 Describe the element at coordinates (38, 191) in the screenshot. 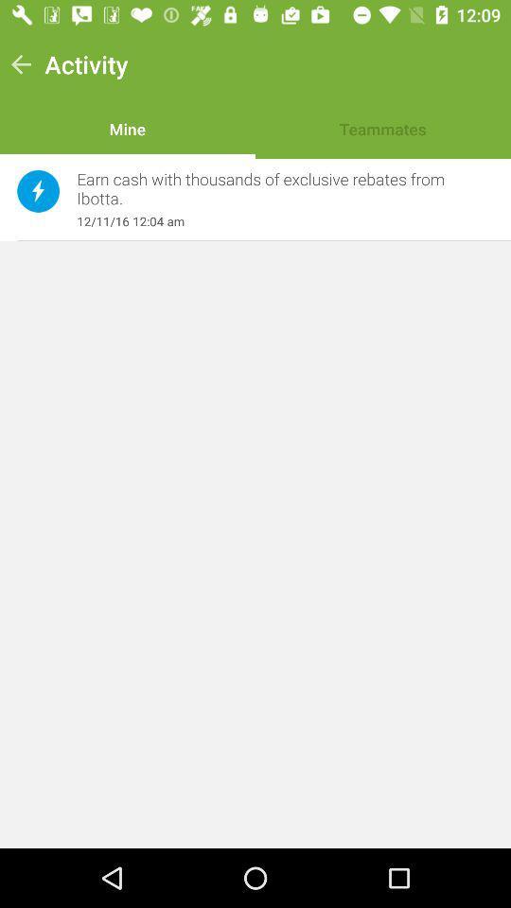

I see `the item next to earn cash with item` at that location.